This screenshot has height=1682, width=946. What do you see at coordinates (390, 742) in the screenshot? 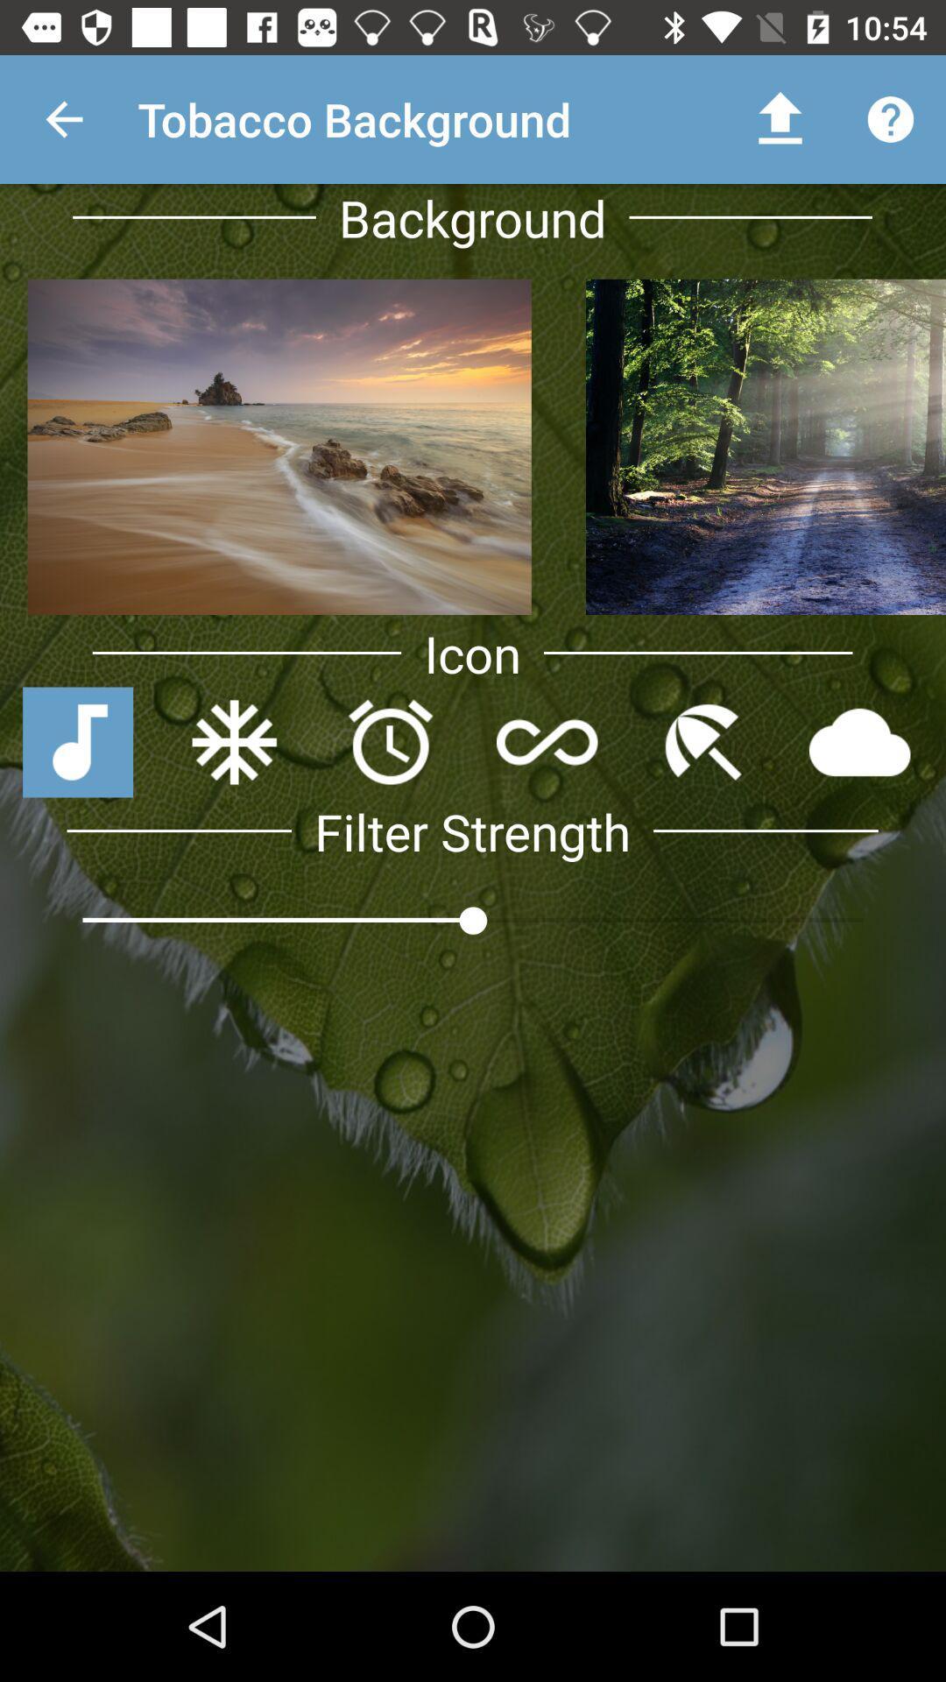
I see `the time icon` at bounding box center [390, 742].